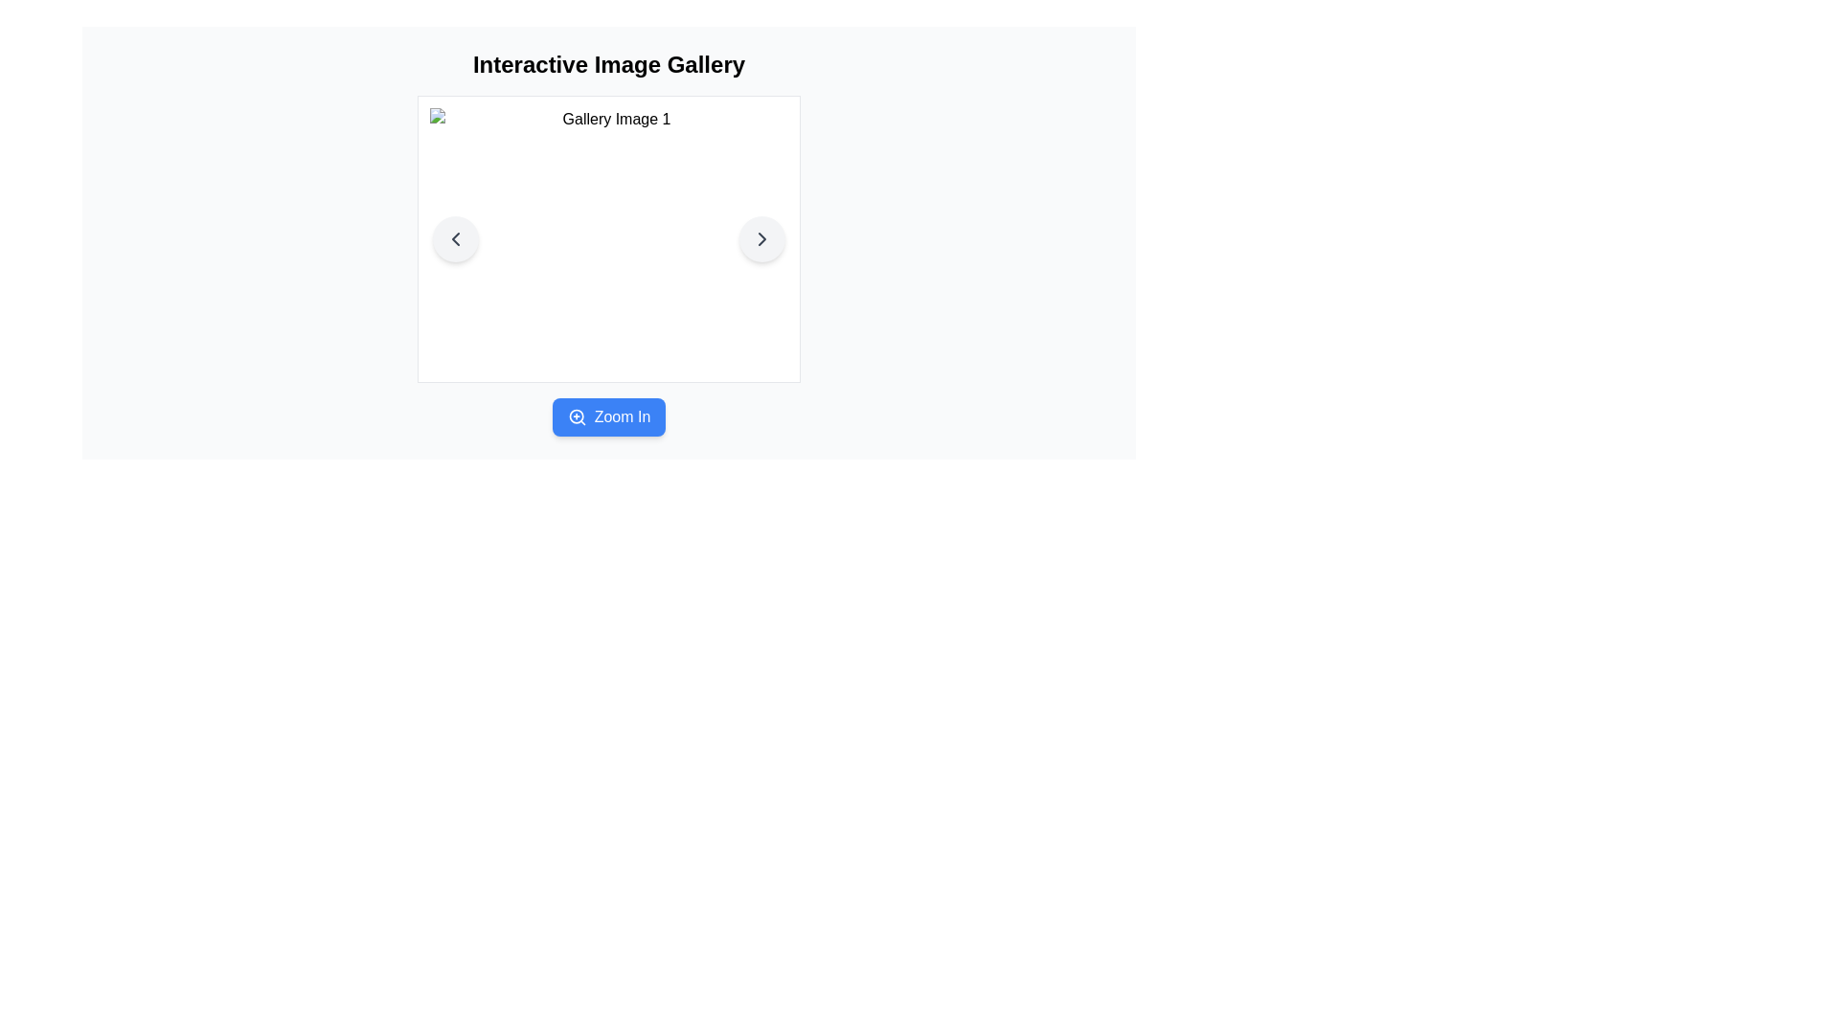 The image size is (1839, 1034). Describe the element at coordinates (454, 238) in the screenshot. I see `the leftward-pointing chevron icon button in the middle-left section of the interactive gallery interface` at that location.